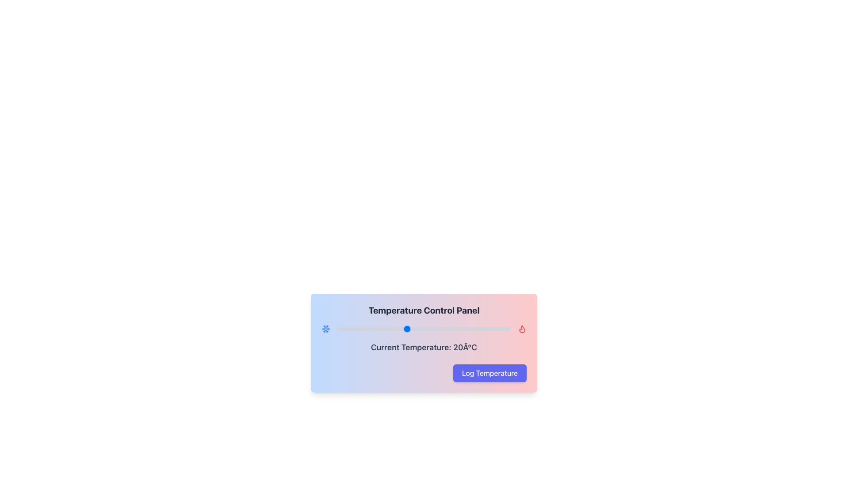 Image resolution: width=849 pixels, height=477 pixels. I want to click on the header text labeled 'Temperature Control Panel', which is styled in bold, large size, and dark gray color, located at the top-center of the temperature control panel, so click(424, 310).